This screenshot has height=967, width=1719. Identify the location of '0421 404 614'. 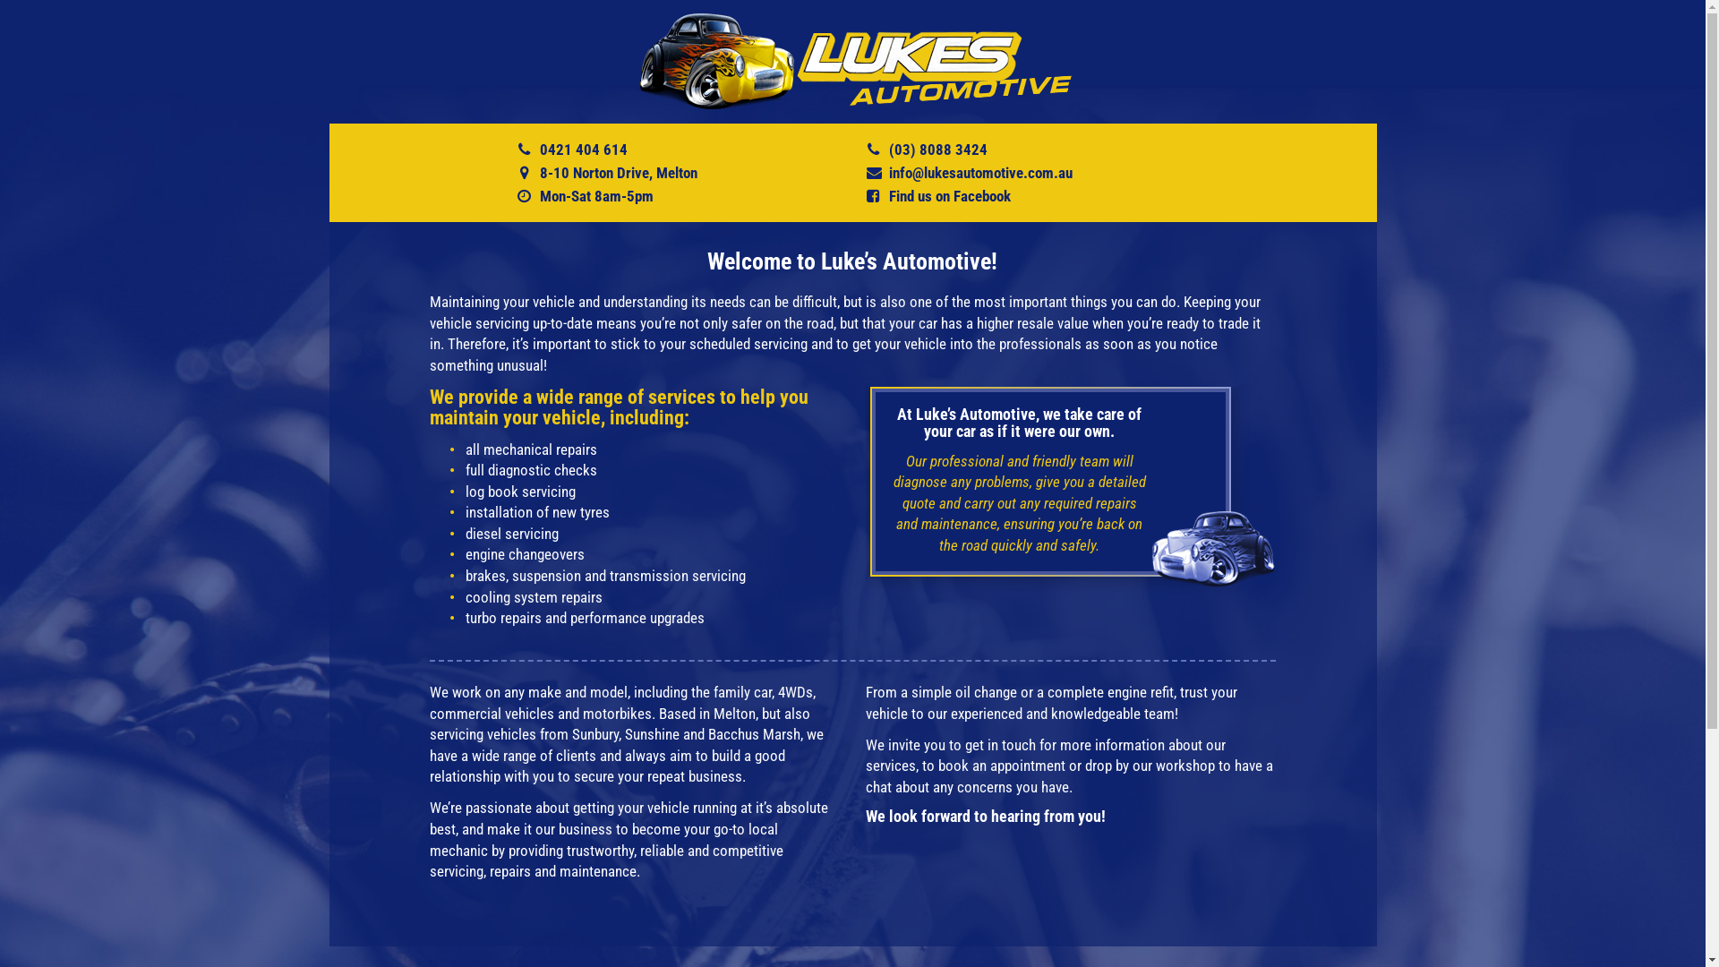
(584, 148).